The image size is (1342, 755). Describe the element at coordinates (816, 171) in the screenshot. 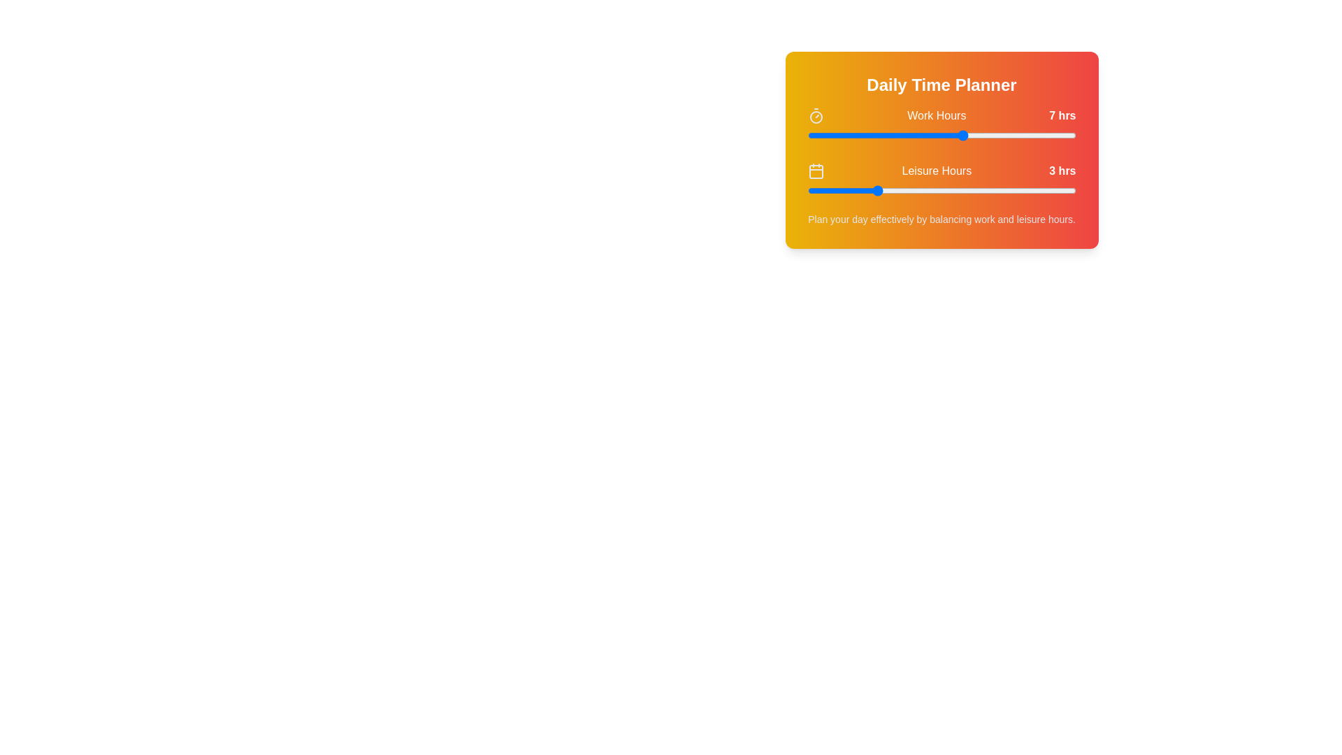

I see `the decorative icon component of the calendar located to the left of the 'Leisure Hours' label in the 'Daily Time Planner' interface` at that location.